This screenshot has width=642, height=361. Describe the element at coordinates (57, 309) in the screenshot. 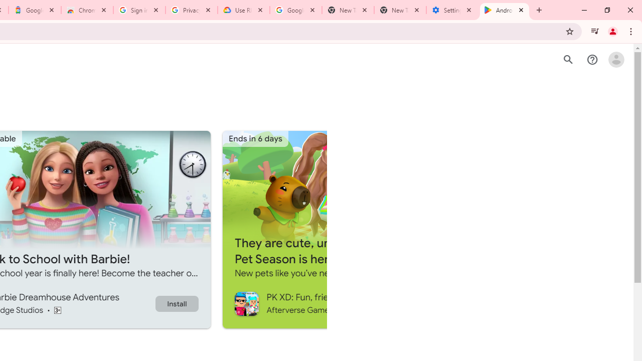

I see `'Content rating Rated for 3+'` at that location.